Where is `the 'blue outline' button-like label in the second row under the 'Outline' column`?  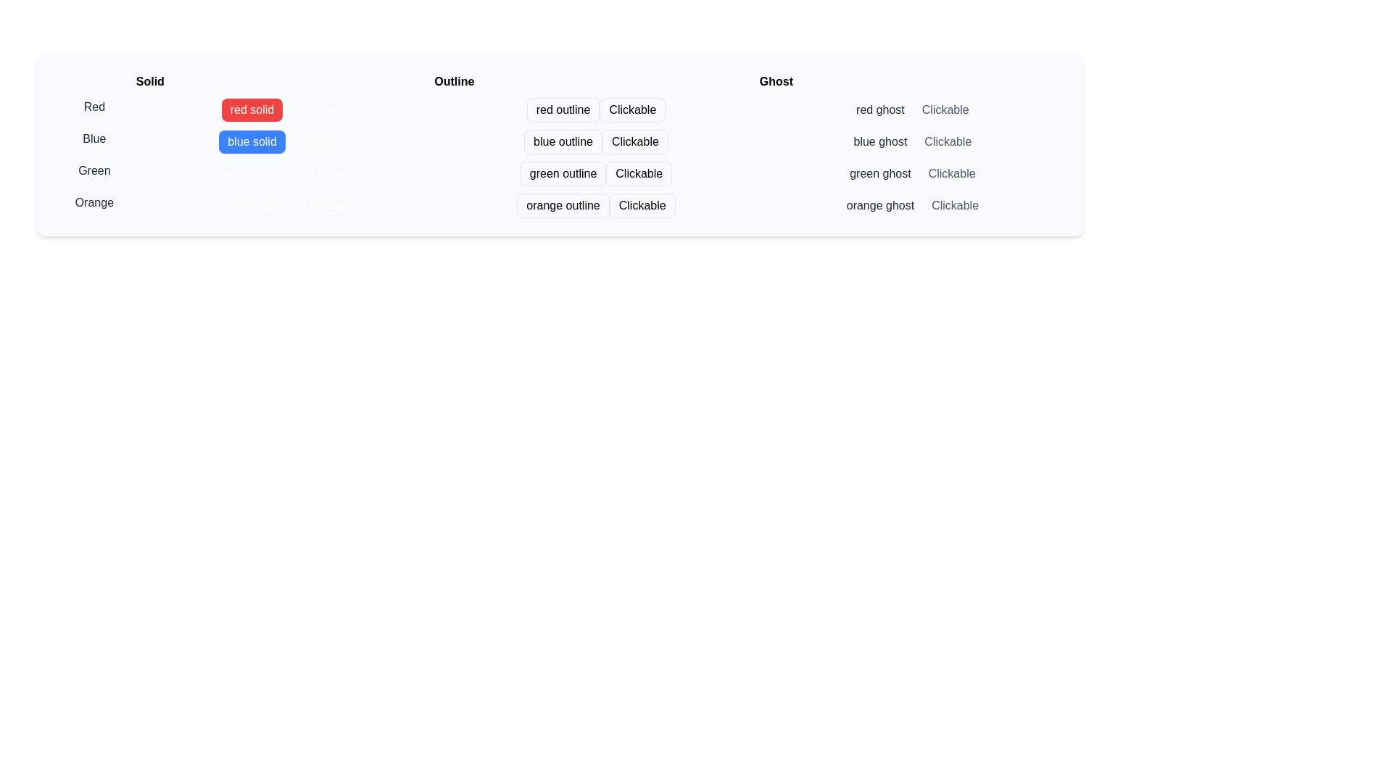
the 'blue outline' button-like label in the second row under the 'Outline' column is located at coordinates (596, 139).